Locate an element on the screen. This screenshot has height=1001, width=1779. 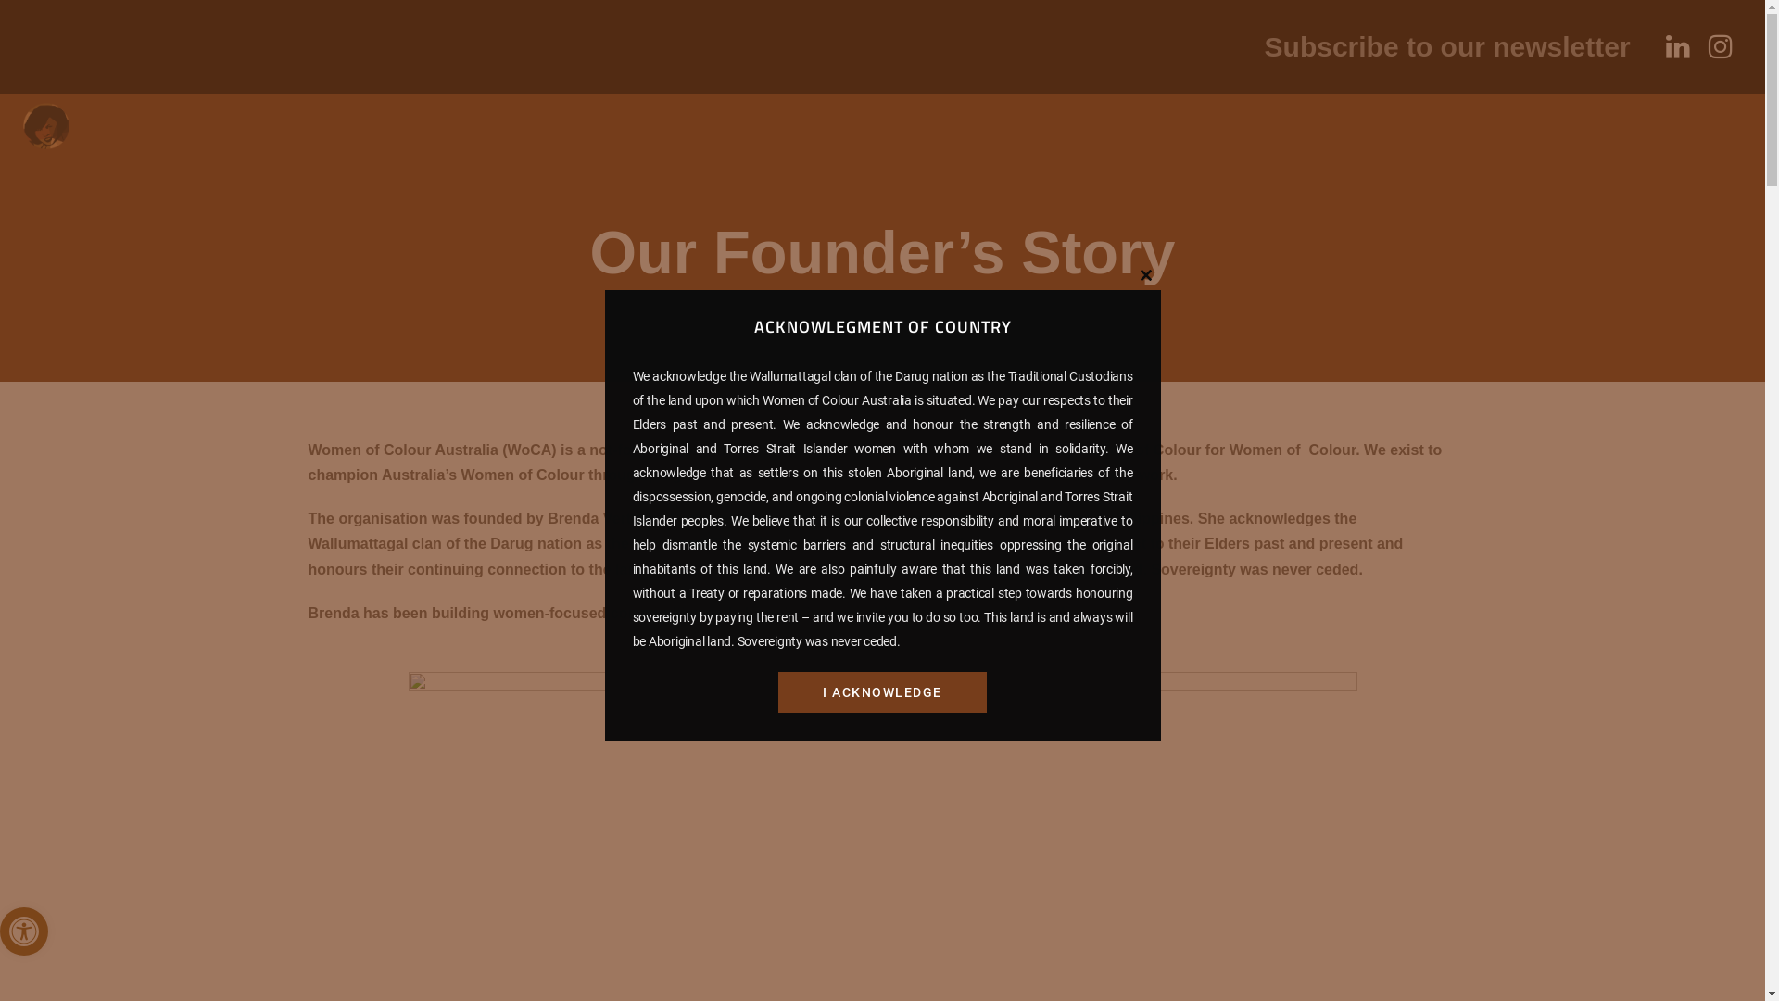
'instagram' is located at coordinates (1720, 45).